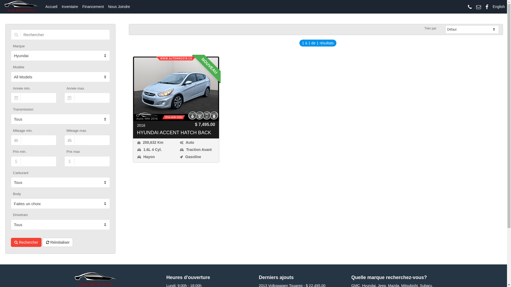 This screenshot has width=511, height=287. I want to click on 'Find us on Facebook!', so click(483, 7).